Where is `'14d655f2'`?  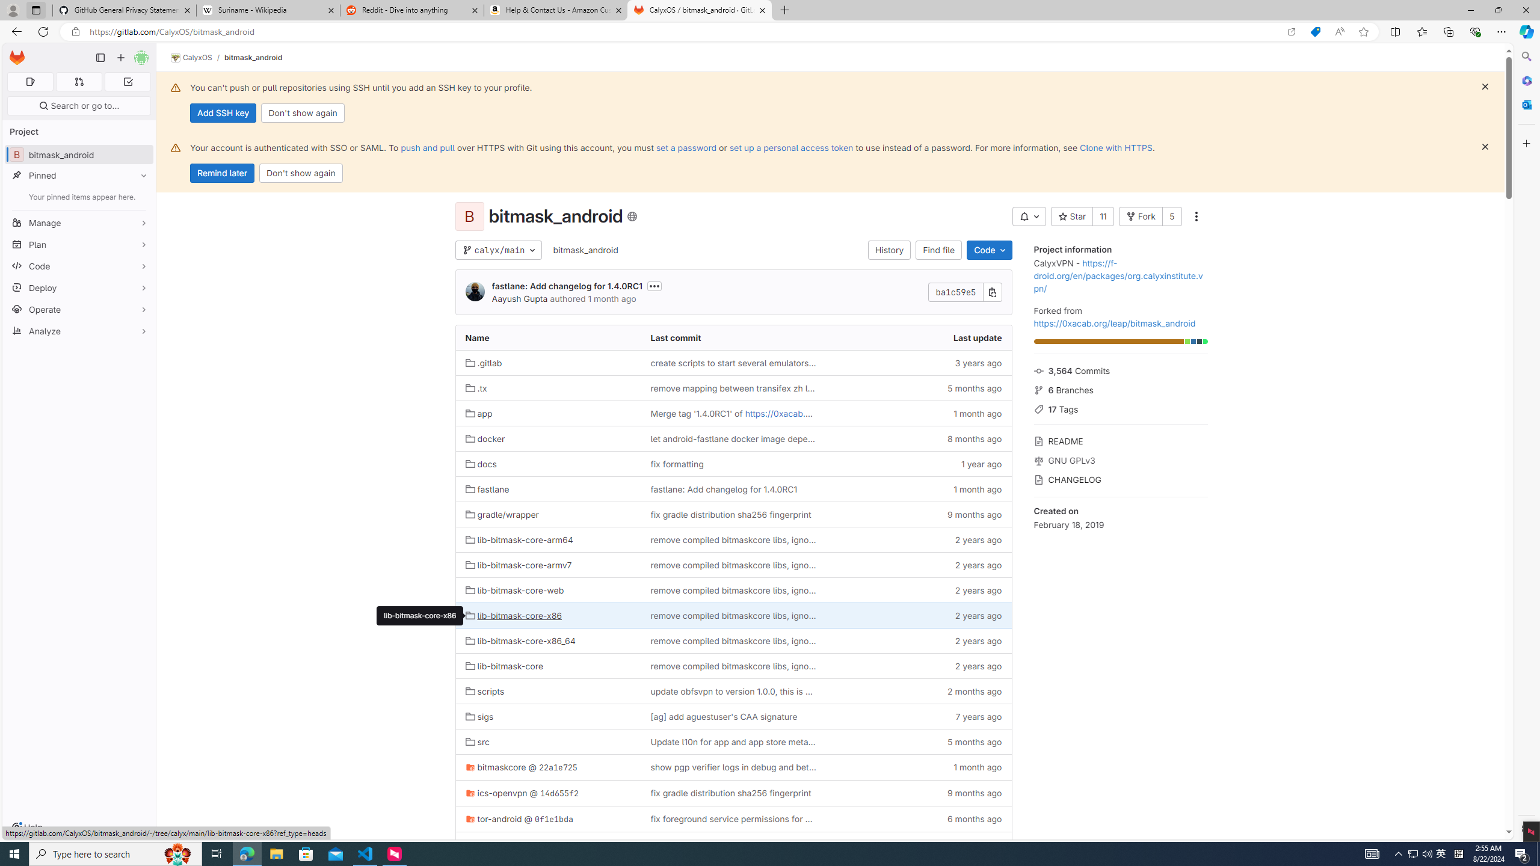 '14d655f2' is located at coordinates (559, 793).